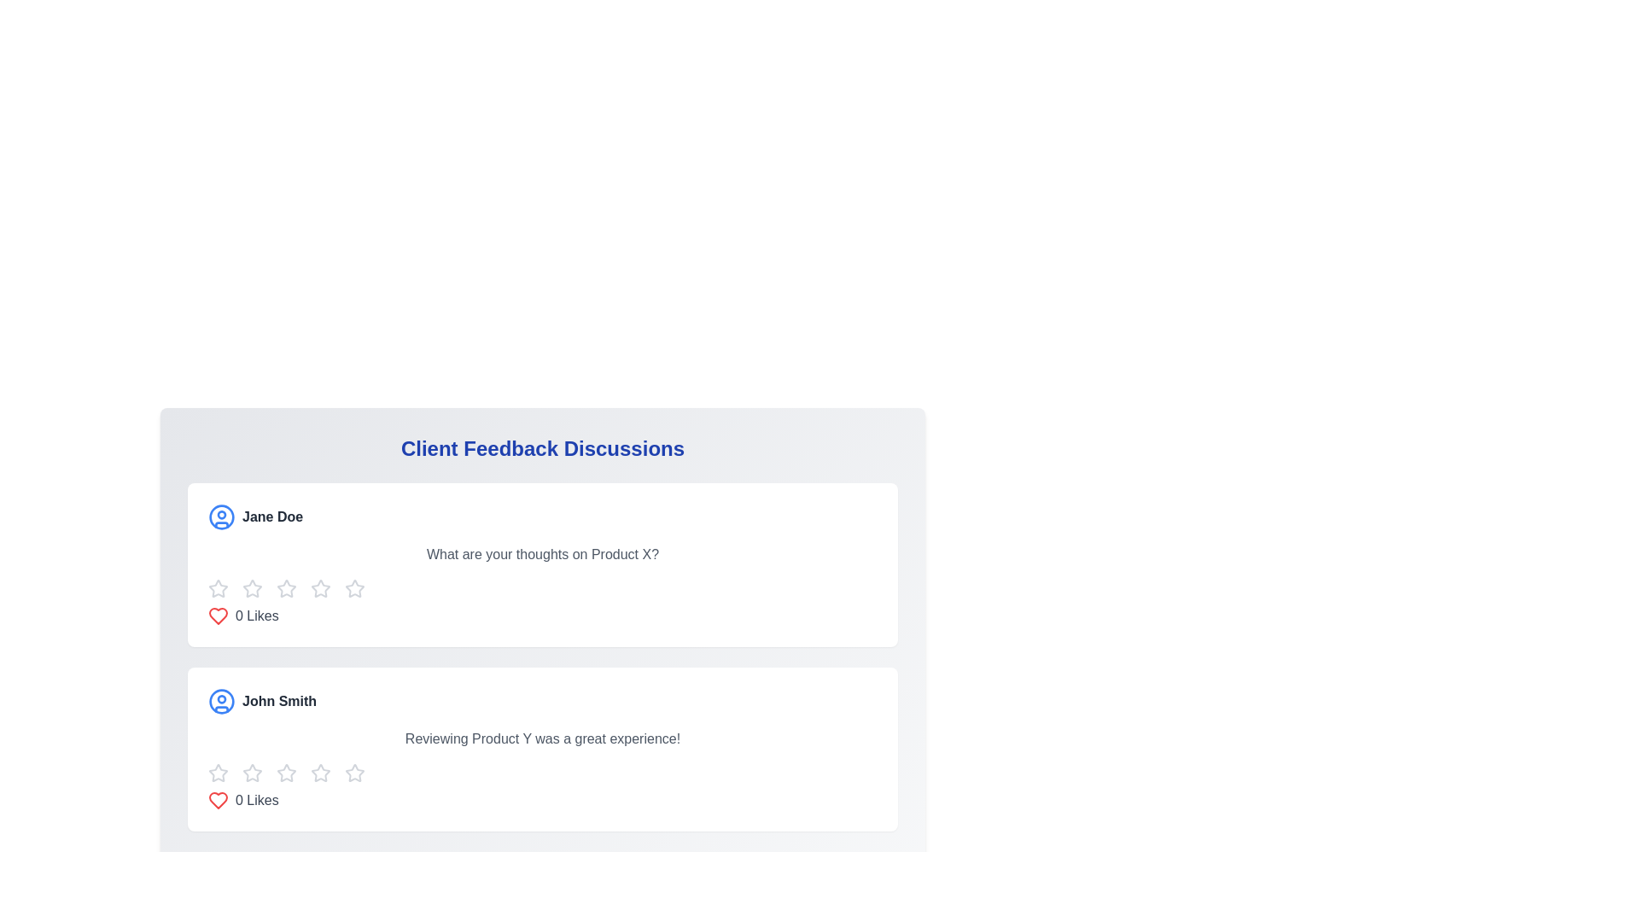 This screenshot has width=1639, height=922. What do you see at coordinates (271, 516) in the screenshot?
I see `the label displaying the name of the individual associated with the feedback entry, located at the top of a feedback card in the middle of the display` at bounding box center [271, 516].